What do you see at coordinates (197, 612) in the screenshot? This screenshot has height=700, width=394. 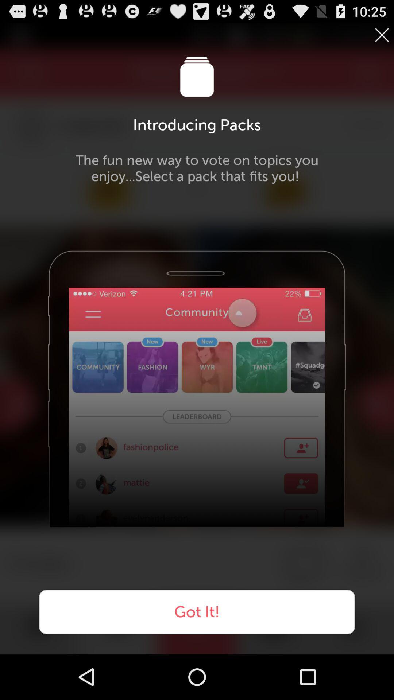 I see `got it!` at bounding box center [197, 612].